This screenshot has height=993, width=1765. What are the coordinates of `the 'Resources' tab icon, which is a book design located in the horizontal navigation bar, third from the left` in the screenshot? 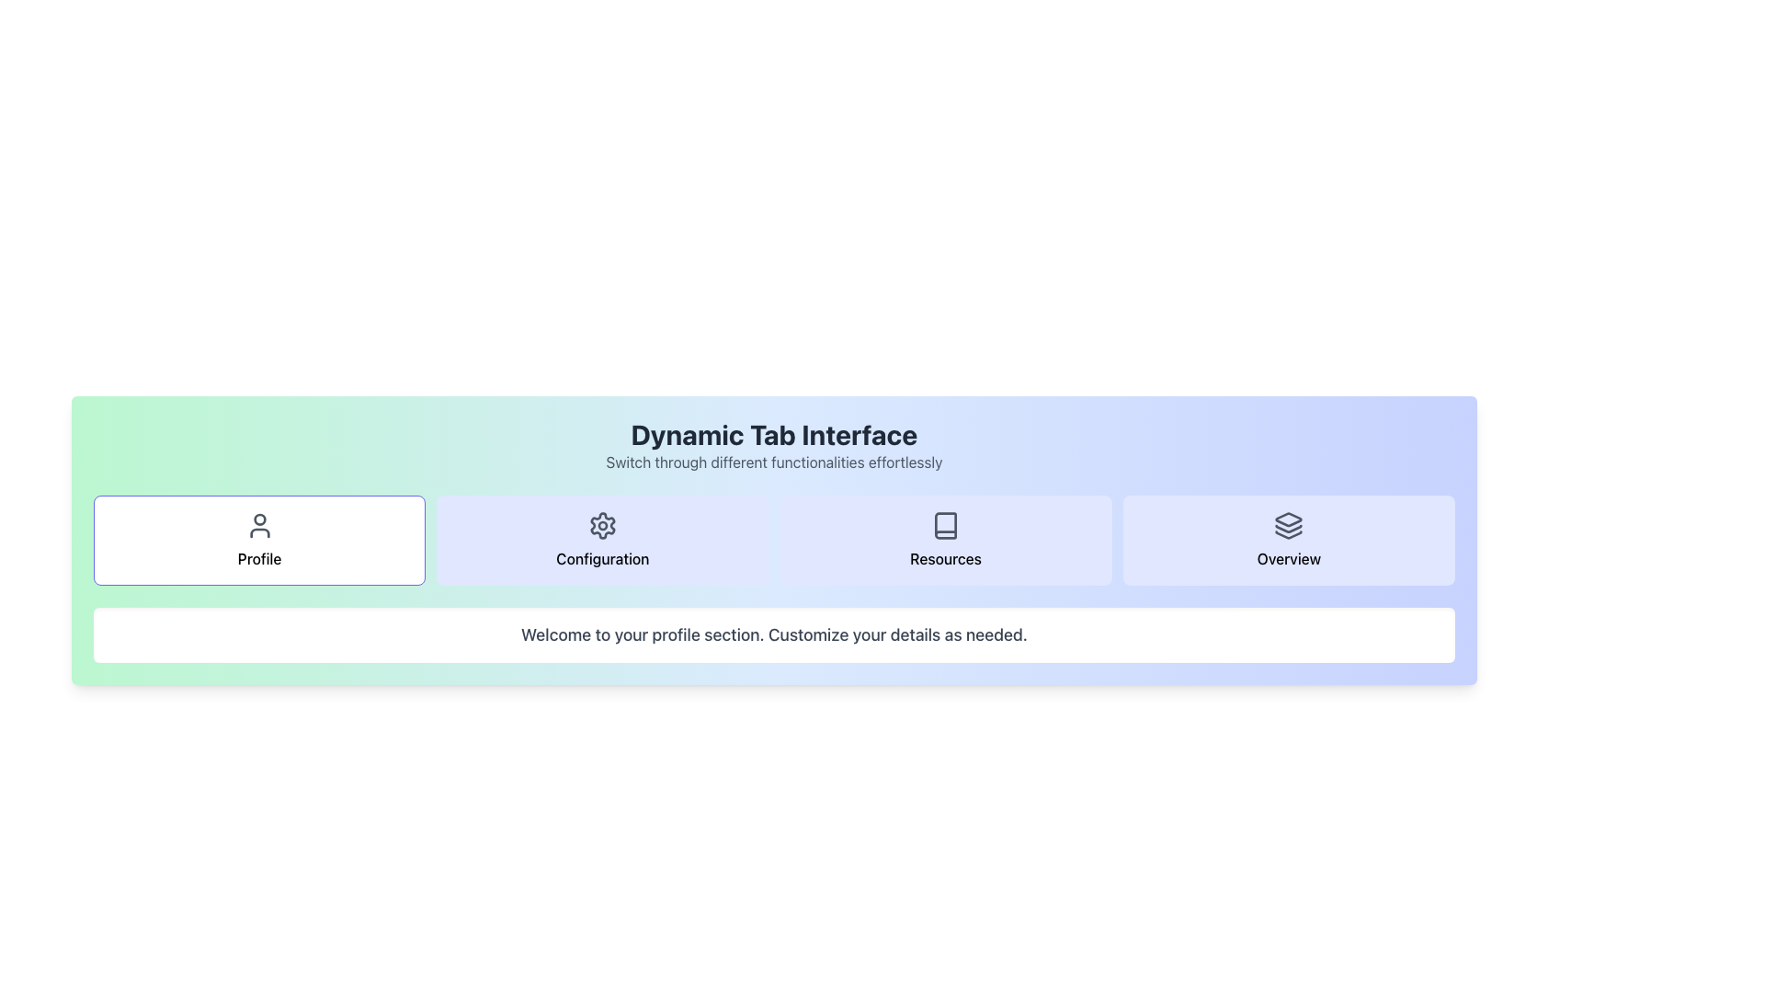 It's located at (946, 525).